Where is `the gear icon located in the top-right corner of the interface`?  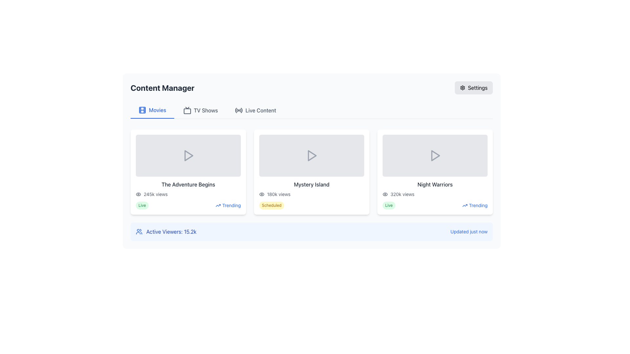 the gear icon located in the top-right corner of the interface is located at coordinates (462, 87).